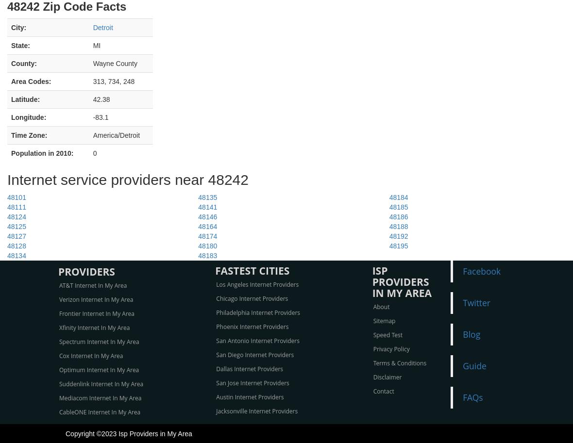  I want to click on '48128', so click(16, 245).